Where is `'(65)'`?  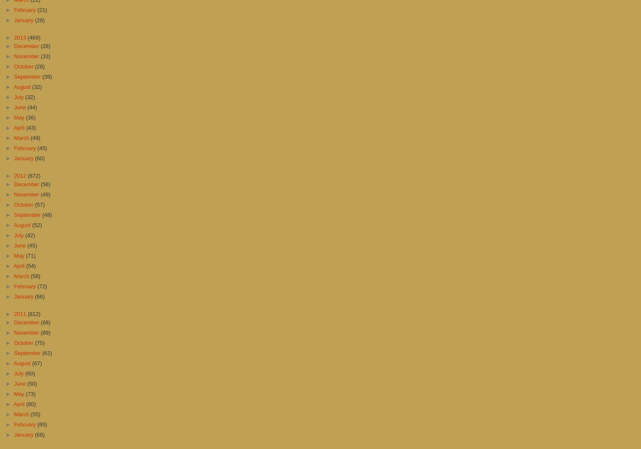 '(65)' is located at coordinates (42, 423).